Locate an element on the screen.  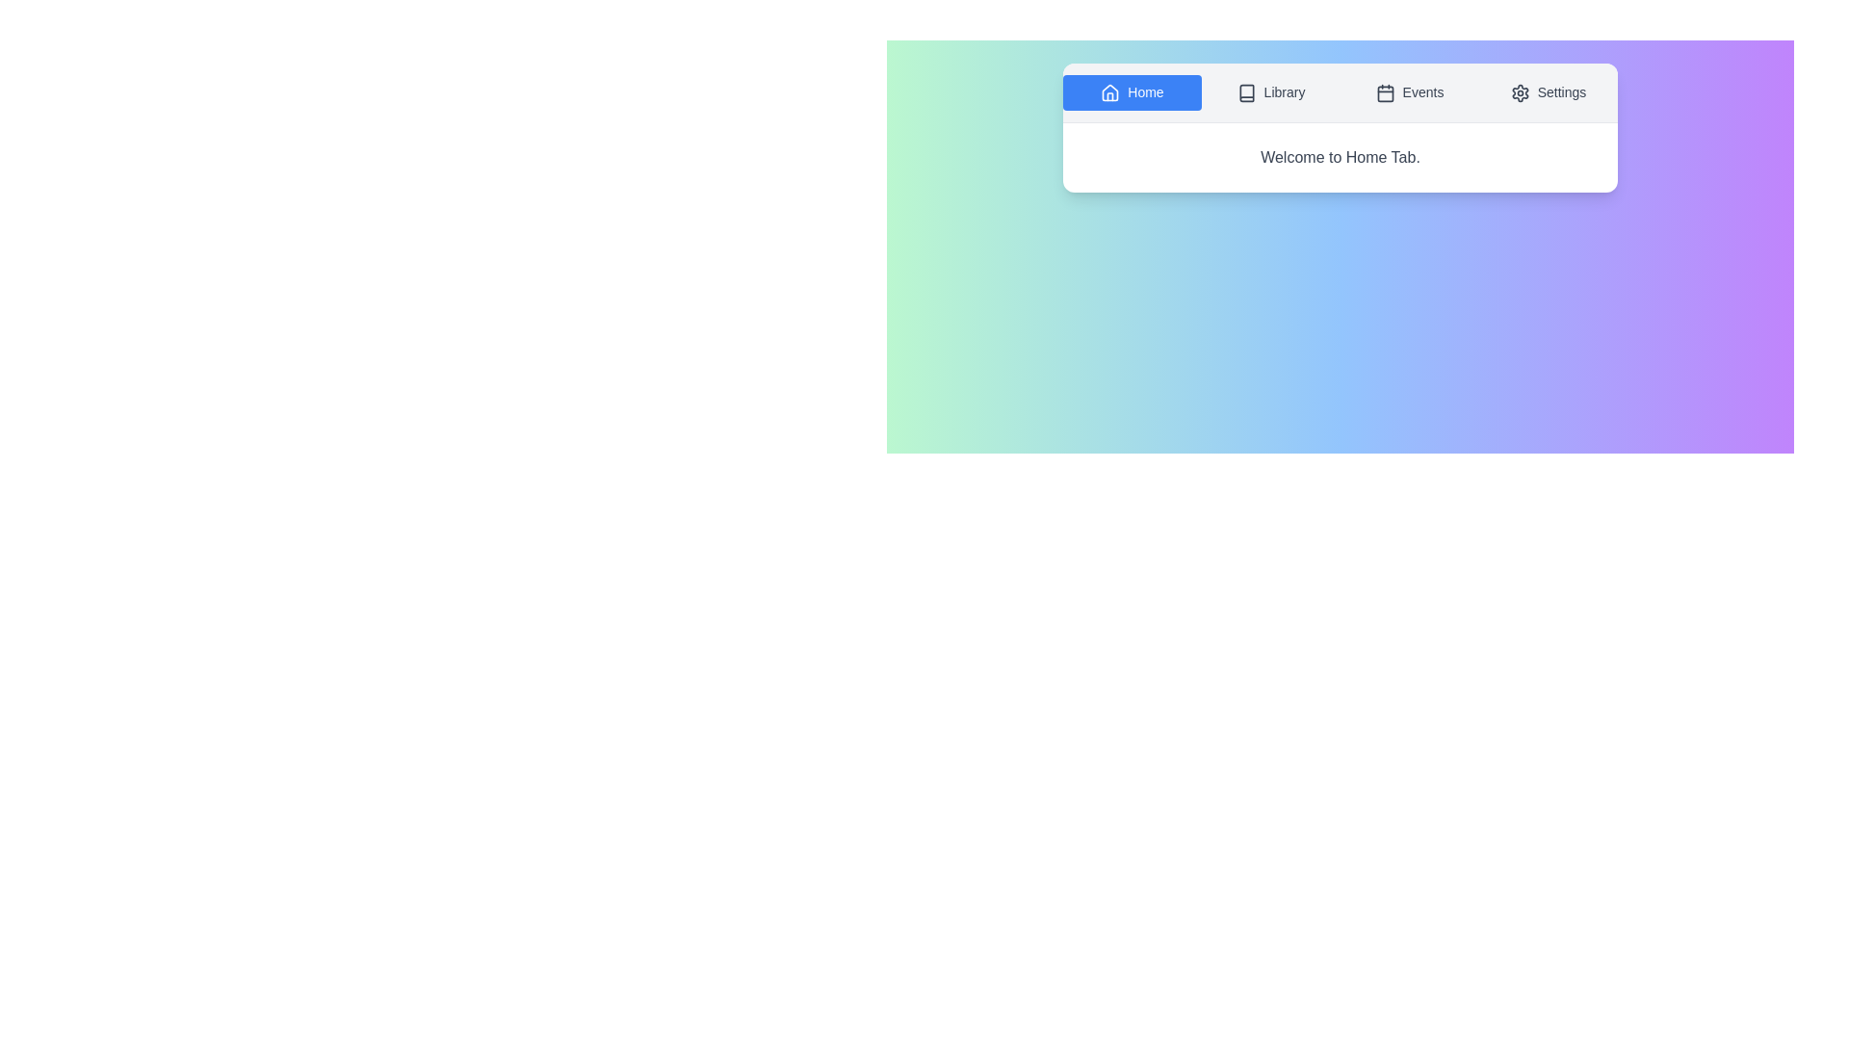
the 'Settings' text label located at the rightmost end of the navigation bar, which is aligned with the settings icon to its left is located at coordinates (1562, 92).